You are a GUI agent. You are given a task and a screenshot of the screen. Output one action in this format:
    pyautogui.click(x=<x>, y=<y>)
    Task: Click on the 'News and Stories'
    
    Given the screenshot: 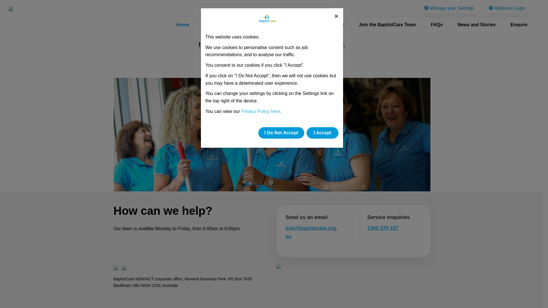 What is the action you would take?
    pyautogui.click(x=476, y=25)
    